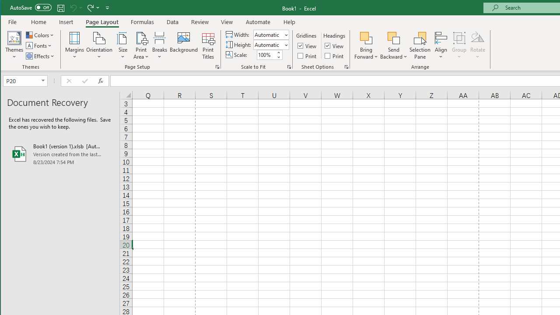  Describe the element at coordinates (207, 45) in the screenshot. I see `'Print Titles'` at that location.